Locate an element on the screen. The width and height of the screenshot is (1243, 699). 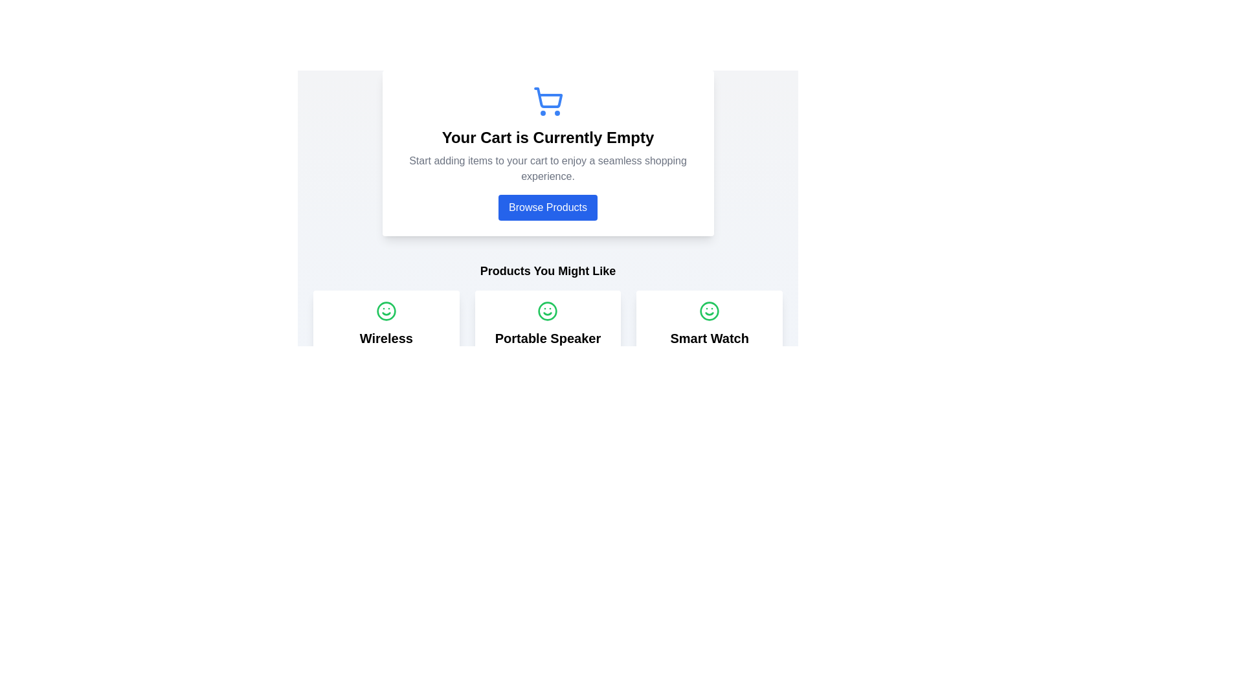
the decorative circular outline of the smile icon on the 'Wireless' product recommendation card located in the 'Products You Might Like' section is located at coordinates (385, 311).